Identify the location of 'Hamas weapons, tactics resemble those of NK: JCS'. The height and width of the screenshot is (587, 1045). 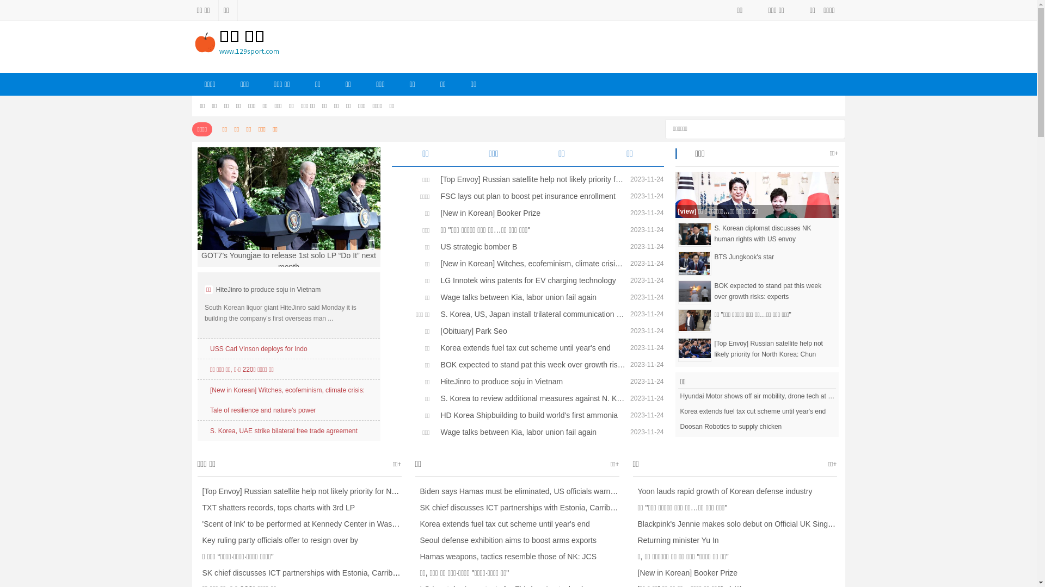
(505, 556).